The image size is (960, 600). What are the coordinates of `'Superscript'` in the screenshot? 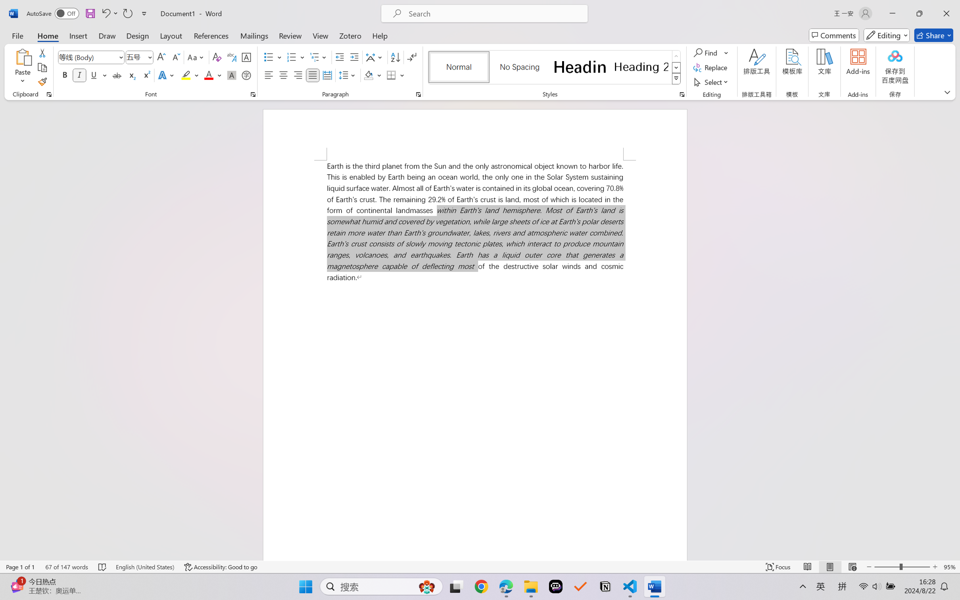 It's located at (146, 75).